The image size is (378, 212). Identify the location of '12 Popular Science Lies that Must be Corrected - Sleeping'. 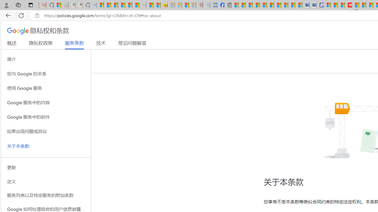
(192, 5).